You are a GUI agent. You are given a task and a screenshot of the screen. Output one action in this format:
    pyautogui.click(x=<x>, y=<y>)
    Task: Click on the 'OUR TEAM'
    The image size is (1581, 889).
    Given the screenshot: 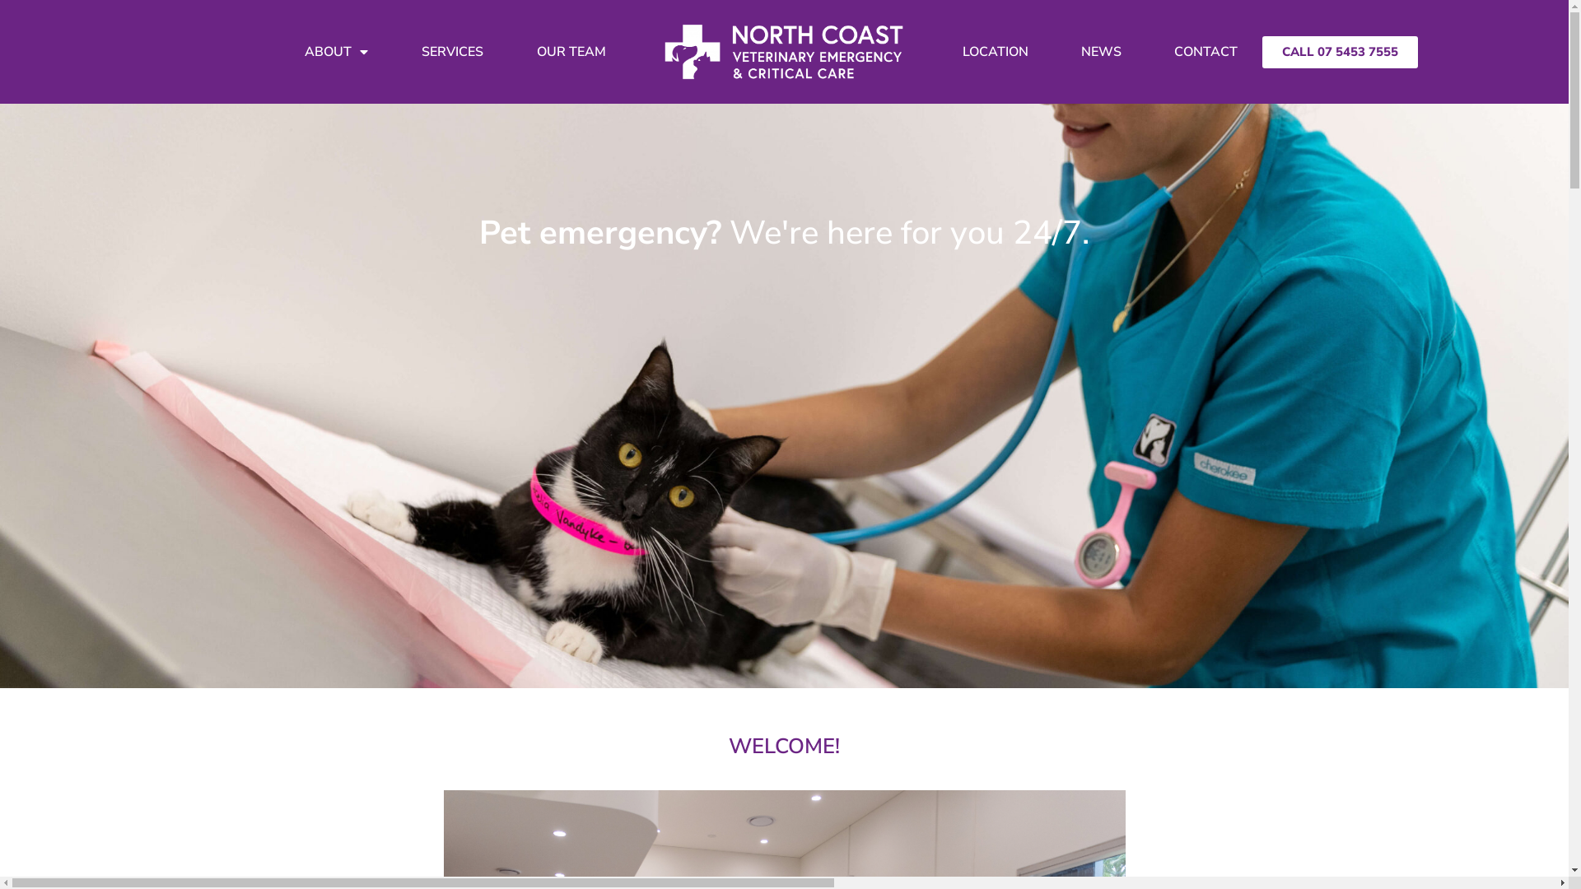 What is the action you would take?
    pyautogui.click(x=571, y=50)
    